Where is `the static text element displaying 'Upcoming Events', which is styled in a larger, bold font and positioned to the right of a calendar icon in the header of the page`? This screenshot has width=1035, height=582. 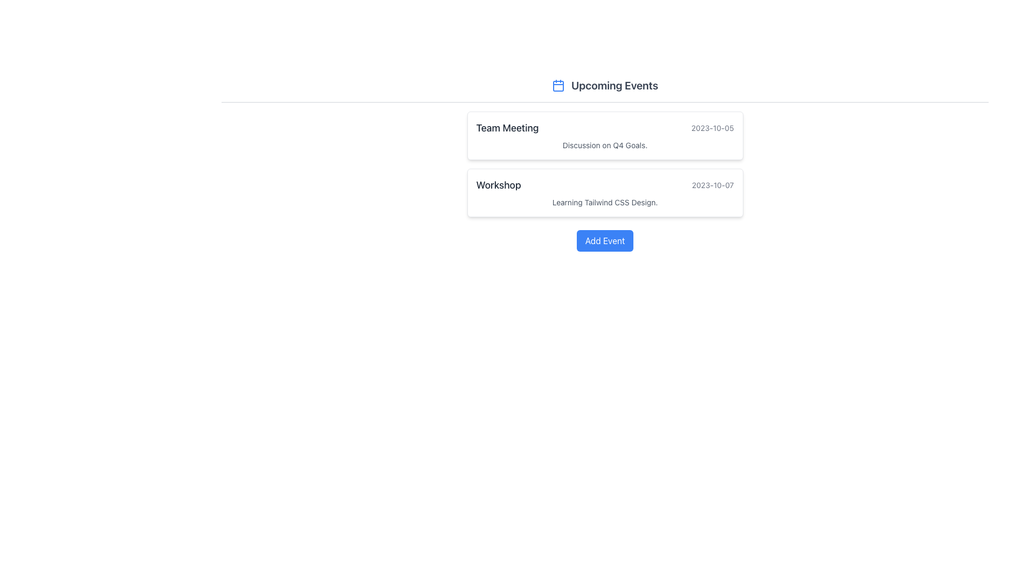 the static text element displaying 'Upcoming Events', which is styled in a larger, bold font and positioned to the right of a calendar icon in the header of the page is located at coordinates (615, 85).